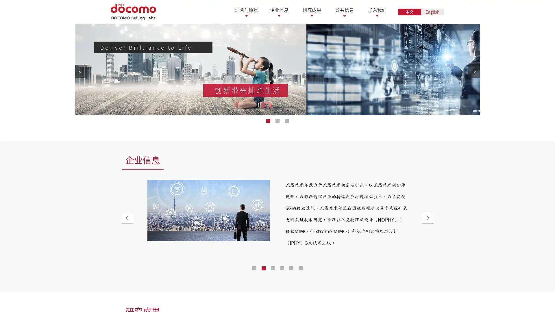 The width and height of the screenshot is (555, 312). What do you see at coordinates (427, 286) in the screenshot?
I see `Next` at bounding box center [427, 286].